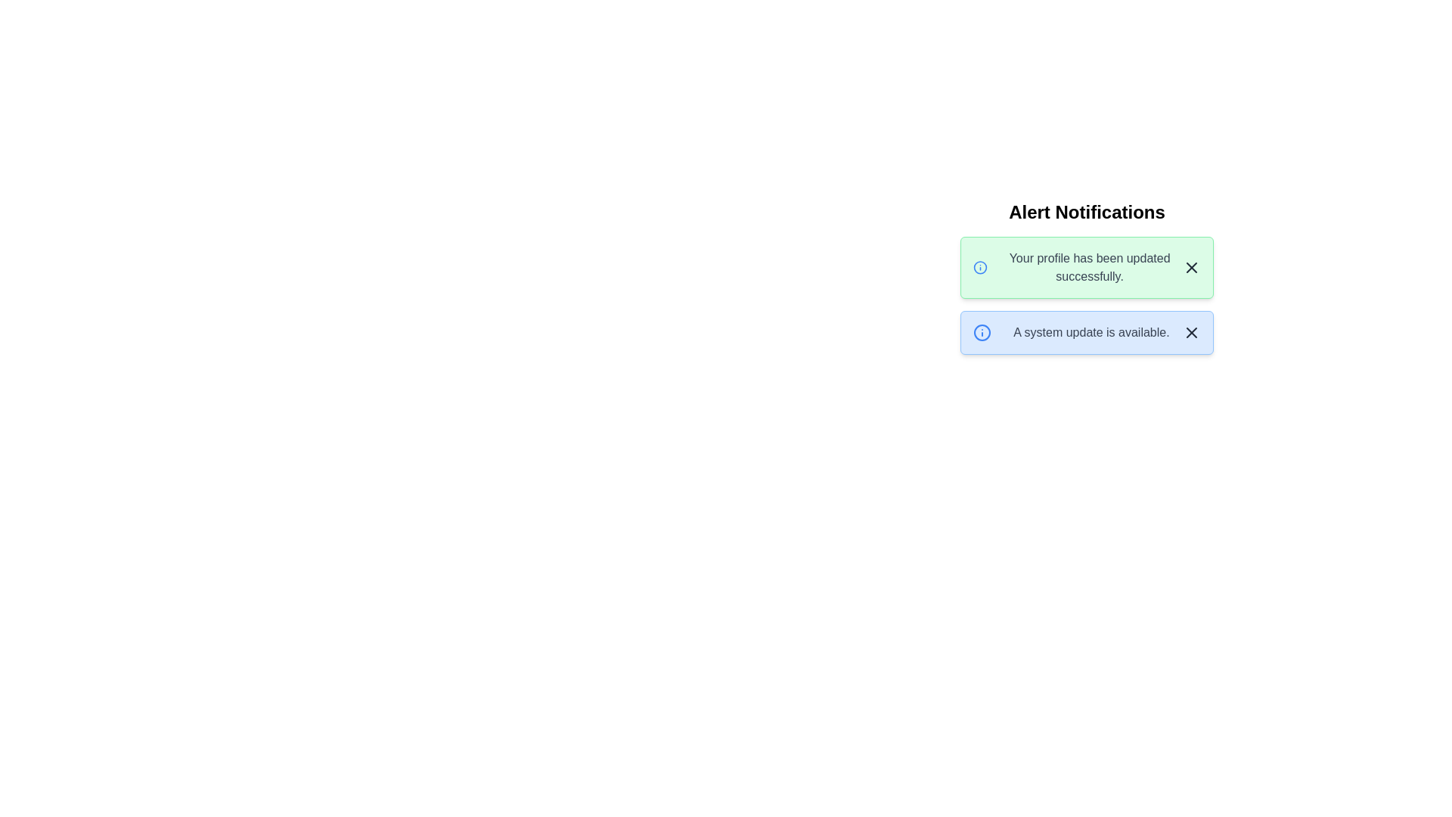 Image resolution: width=1452 pixels, height=817 pixels. I want to click on text displayed in the gray text block that states 'Your profile has been updated successfully.' within the green notification component, so click(1090, 267).